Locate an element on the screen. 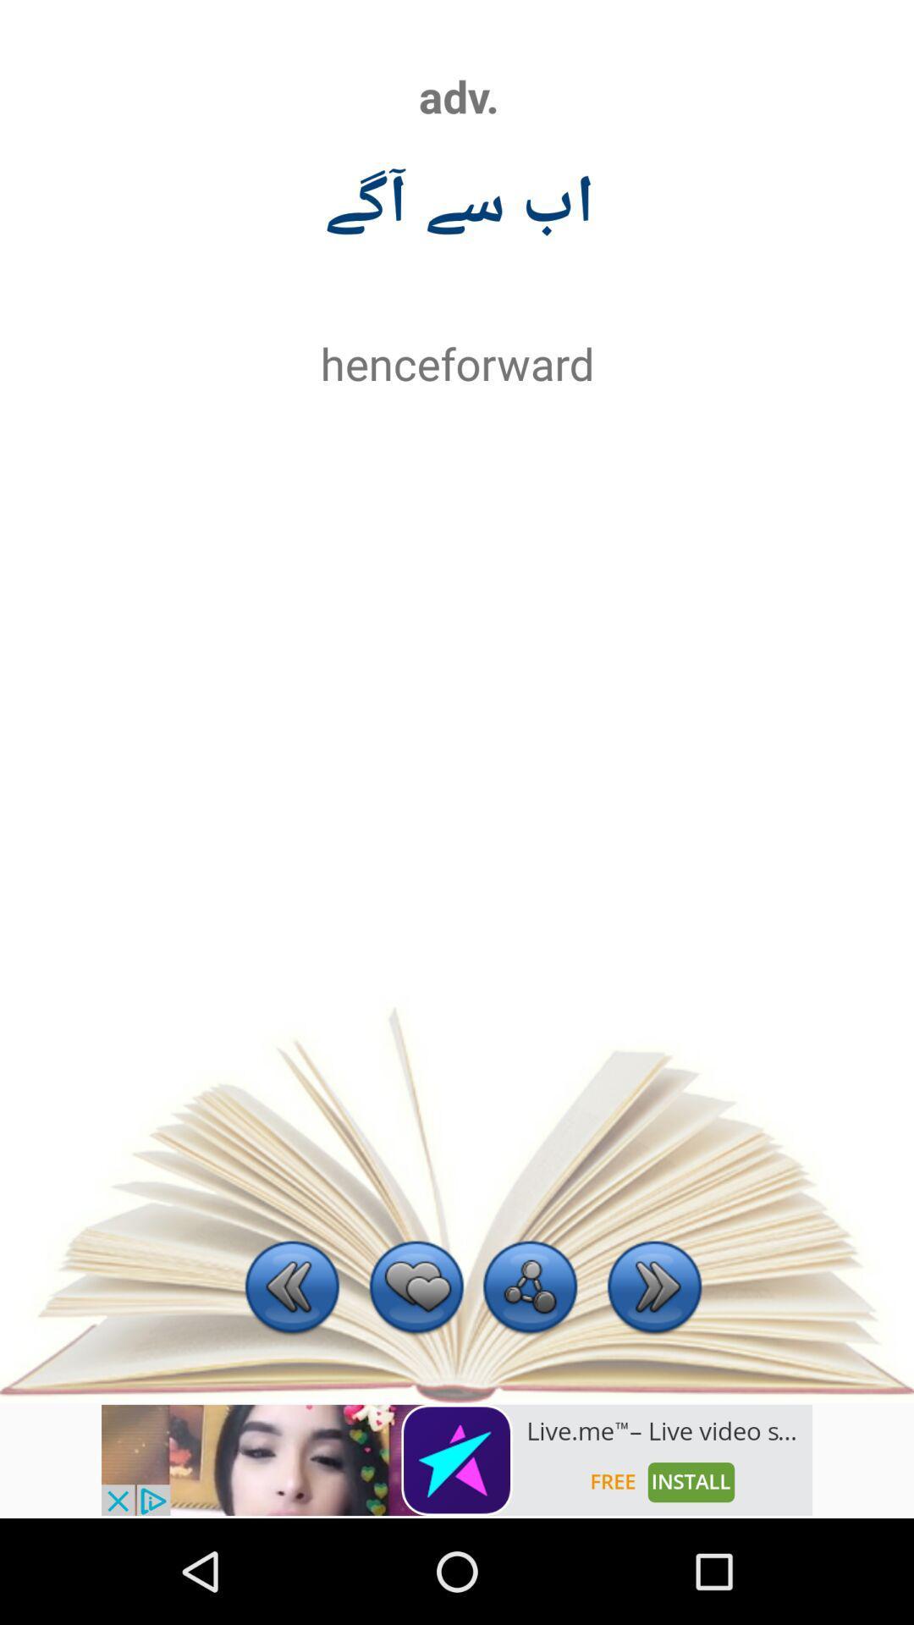  the current item is located at coordinates (416, 1288).